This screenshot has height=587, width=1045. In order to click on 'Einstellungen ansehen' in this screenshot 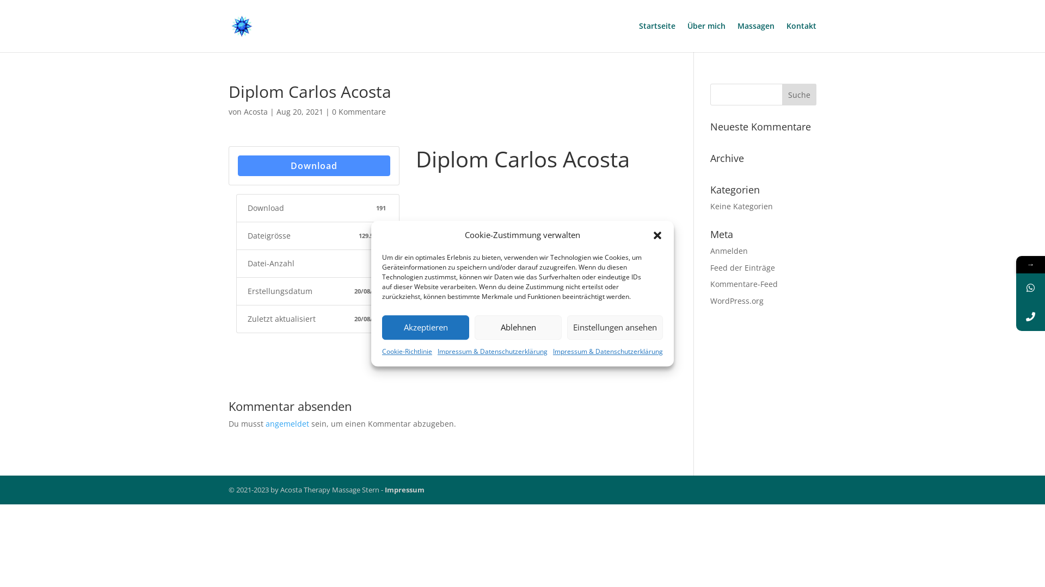, I will do `click(566, 327)`.